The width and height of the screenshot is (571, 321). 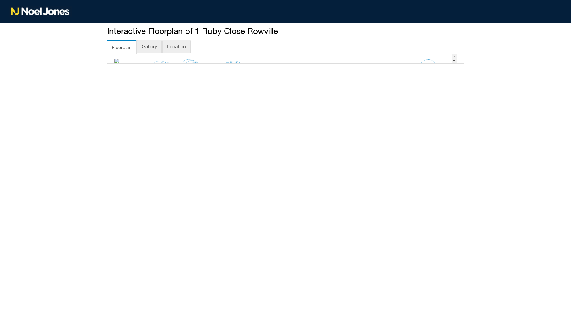 I want to click on 'Gallery', so click(x=149, y=46).